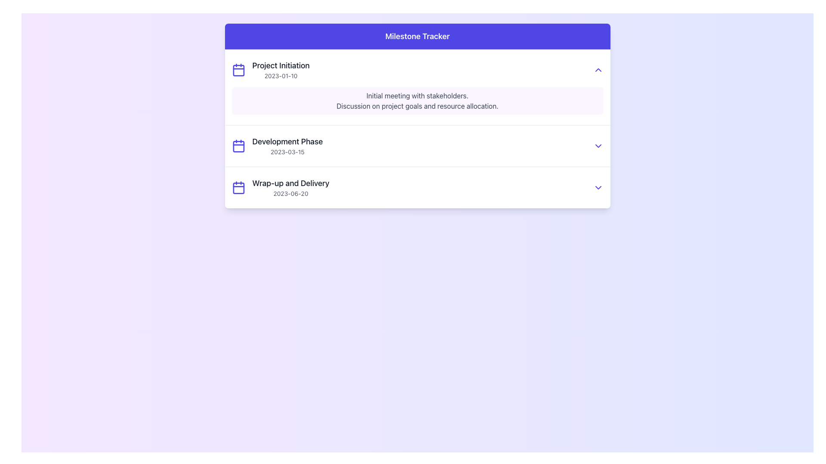 The width and height of the screenshot is (826, 464). Describe the element at coordinates (291, 194) in the screenshot. I see `the text label displaying '2023-06-20' which is styled in a subtle gray color and located beneath the 'Wrap-up and Delivery' title` at that location.